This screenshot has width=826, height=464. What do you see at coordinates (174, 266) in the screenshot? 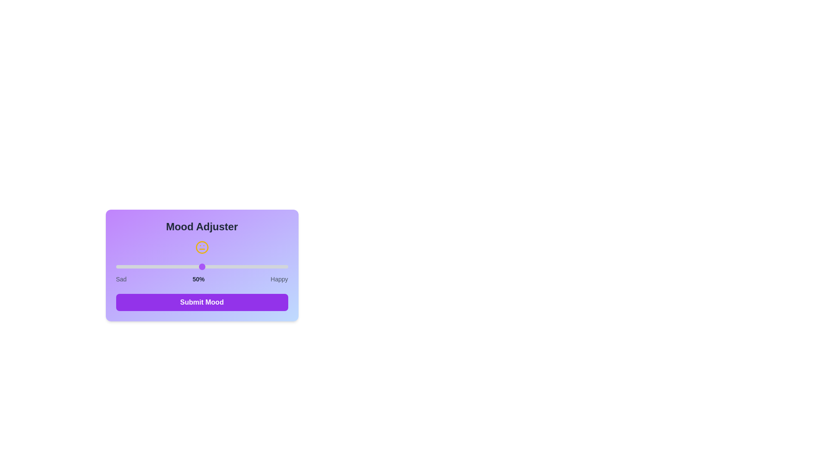
I see `the mood slider to 34%` at bounding box center [174, 266].